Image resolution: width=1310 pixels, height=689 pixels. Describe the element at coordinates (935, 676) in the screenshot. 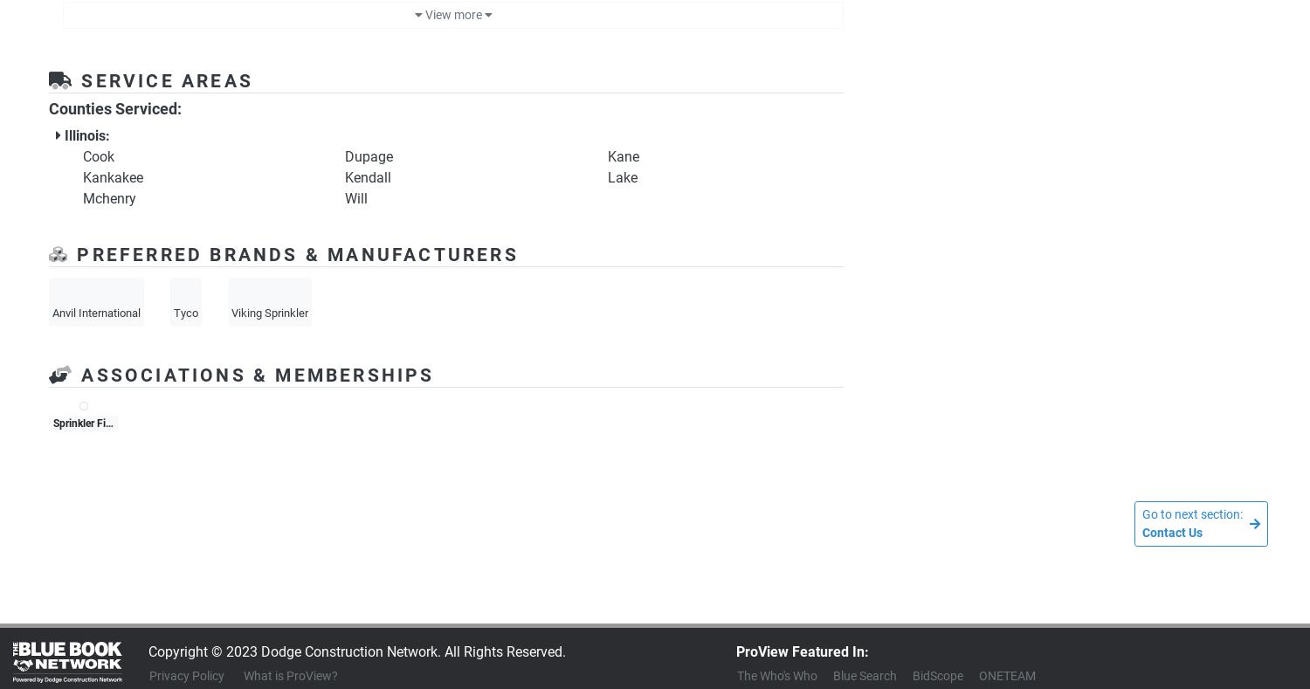

I see `'BidScope'` at that location.